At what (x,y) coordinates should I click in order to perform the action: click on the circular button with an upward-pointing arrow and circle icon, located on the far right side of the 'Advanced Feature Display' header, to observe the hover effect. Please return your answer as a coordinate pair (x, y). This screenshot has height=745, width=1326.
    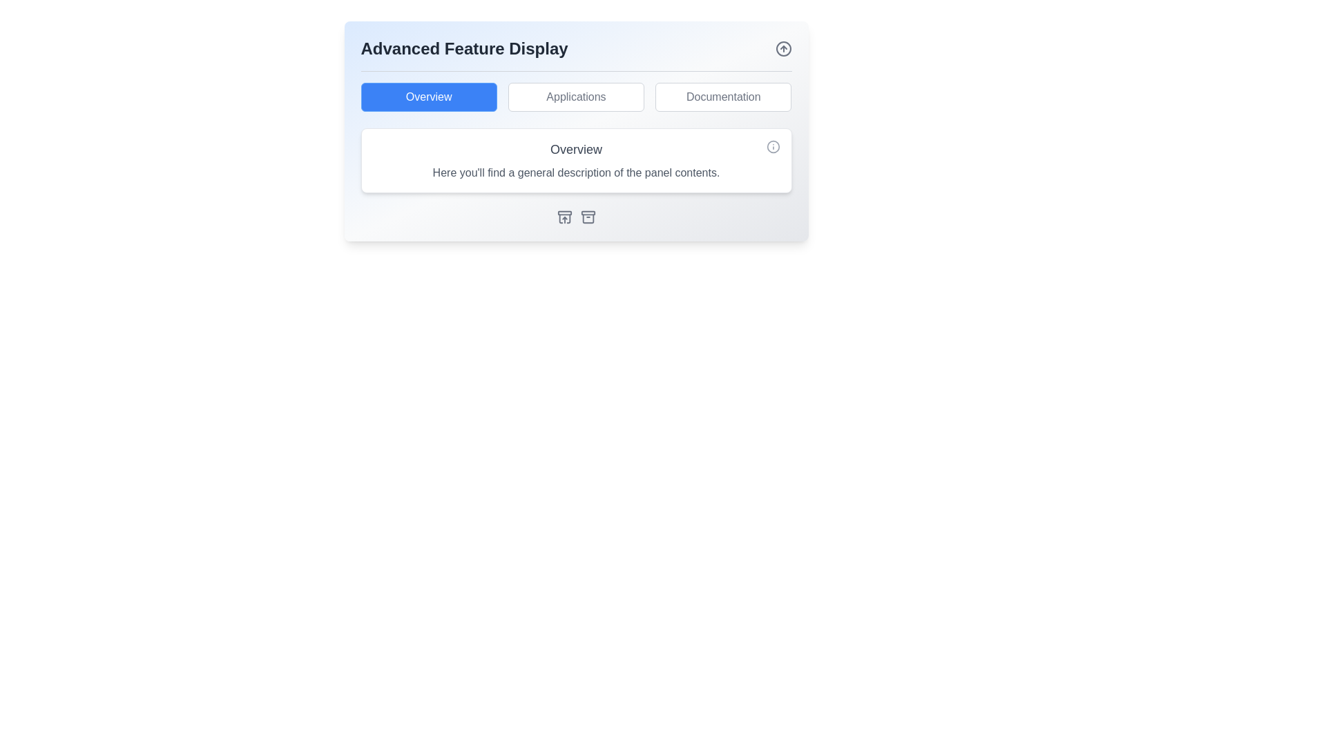
    Looking at the image, I should click on (783, 48).